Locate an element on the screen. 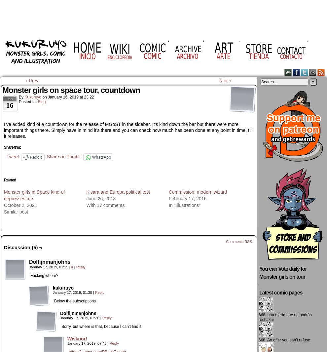 The image size is (327, 352). '668. una oferta que no podrás rechazar' is located at coordinates (285, 317).